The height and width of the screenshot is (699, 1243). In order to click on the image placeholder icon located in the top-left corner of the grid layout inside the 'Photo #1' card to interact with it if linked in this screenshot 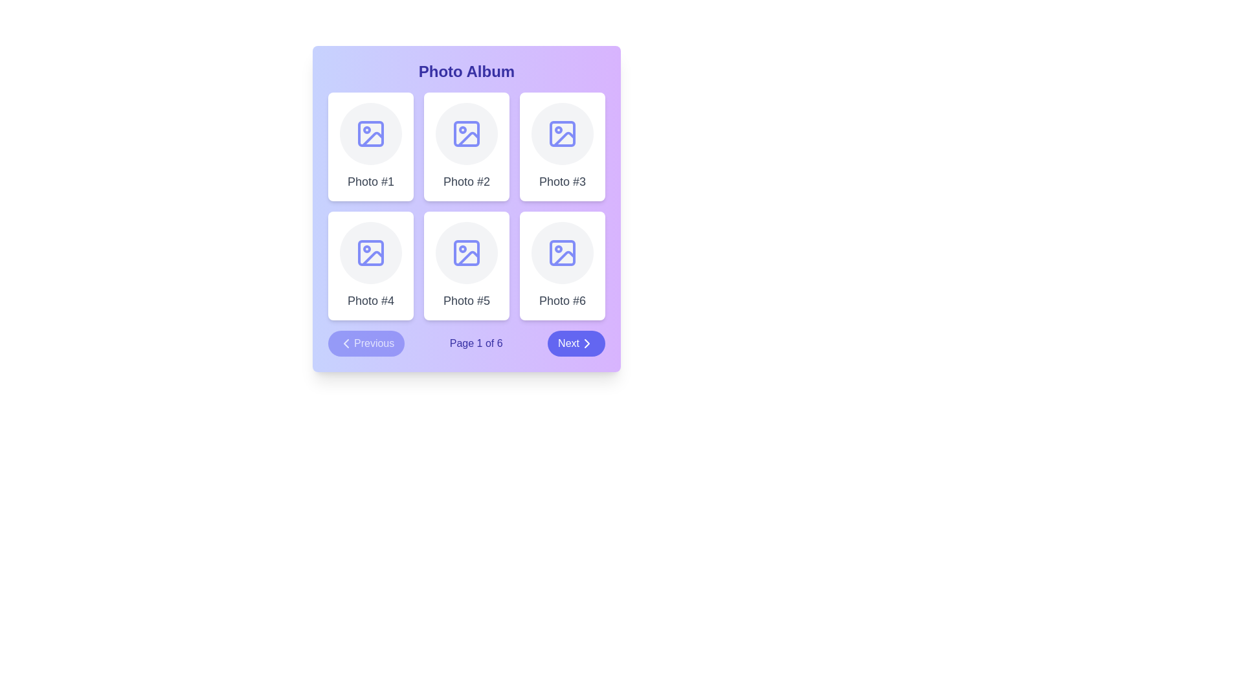, I will do `click(370, 134)`.